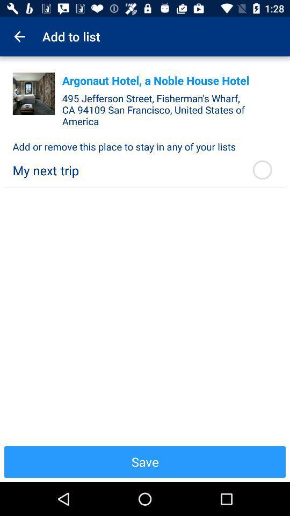 The height and width of the screenshot is (516, 290). What do you see at coordinates (19, 37) in the screenshot?
I see `item to the left of add to list app` at bounding box center [19, 37].